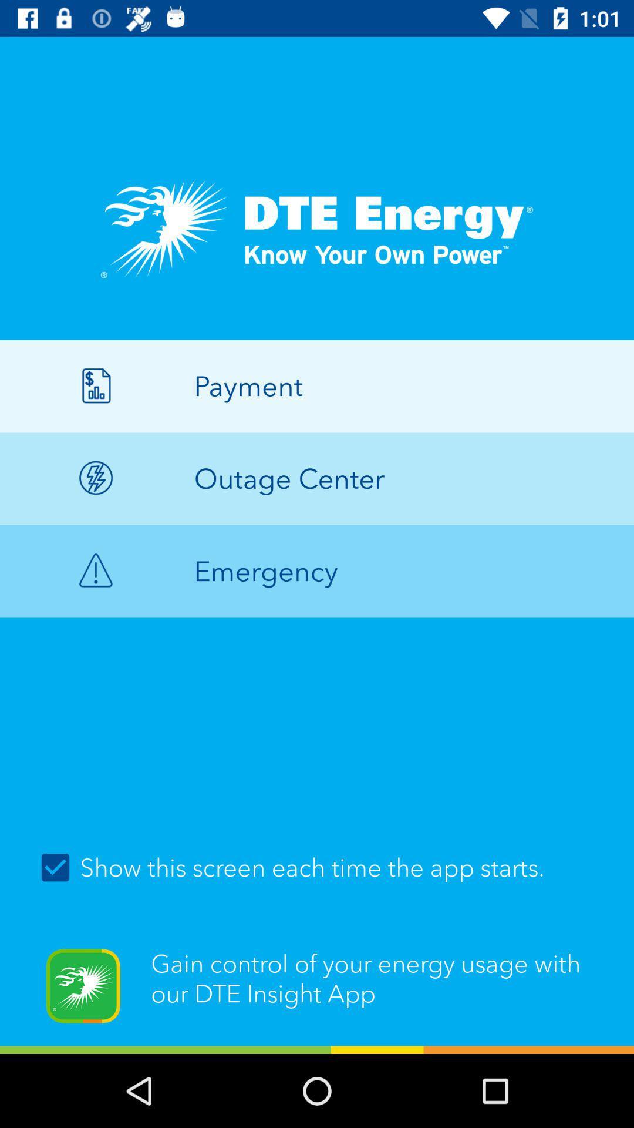 Image resolution: width=634 pixels, height=1128 pixels. Describe the element at coordinates (317, 386) in the screenshot. I see `the payment icon` at that location.